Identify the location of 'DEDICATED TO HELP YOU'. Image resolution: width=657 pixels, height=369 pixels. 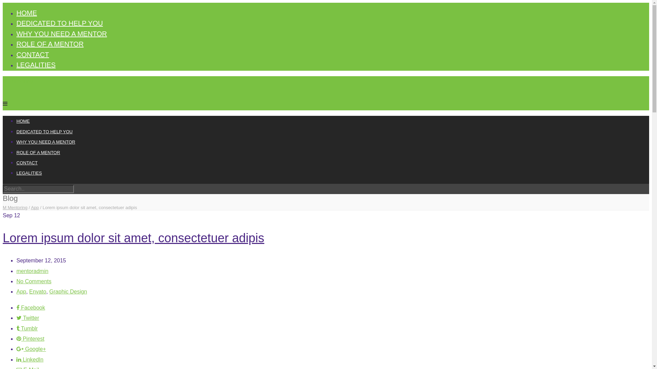
(16, 23).